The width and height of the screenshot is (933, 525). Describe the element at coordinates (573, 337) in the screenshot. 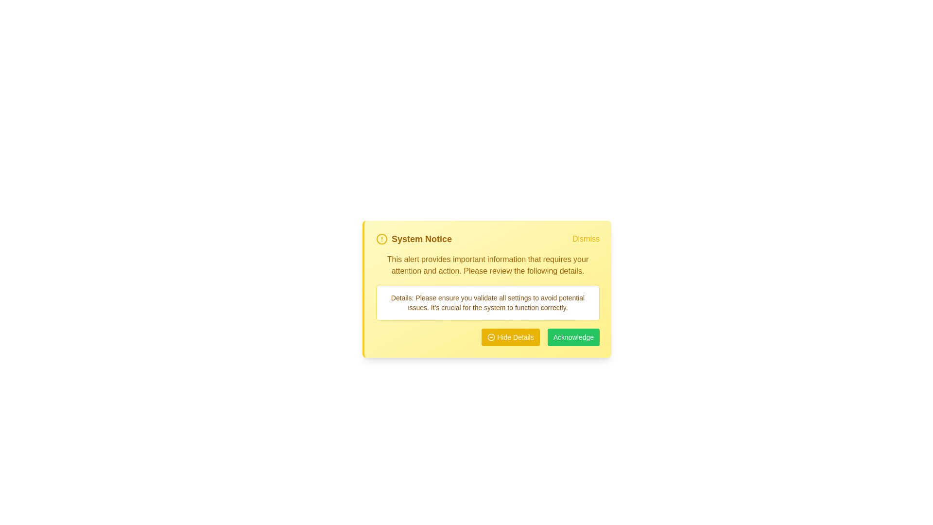

I see `the 'Acknowledge' button to acknowledge the alert` at that location.